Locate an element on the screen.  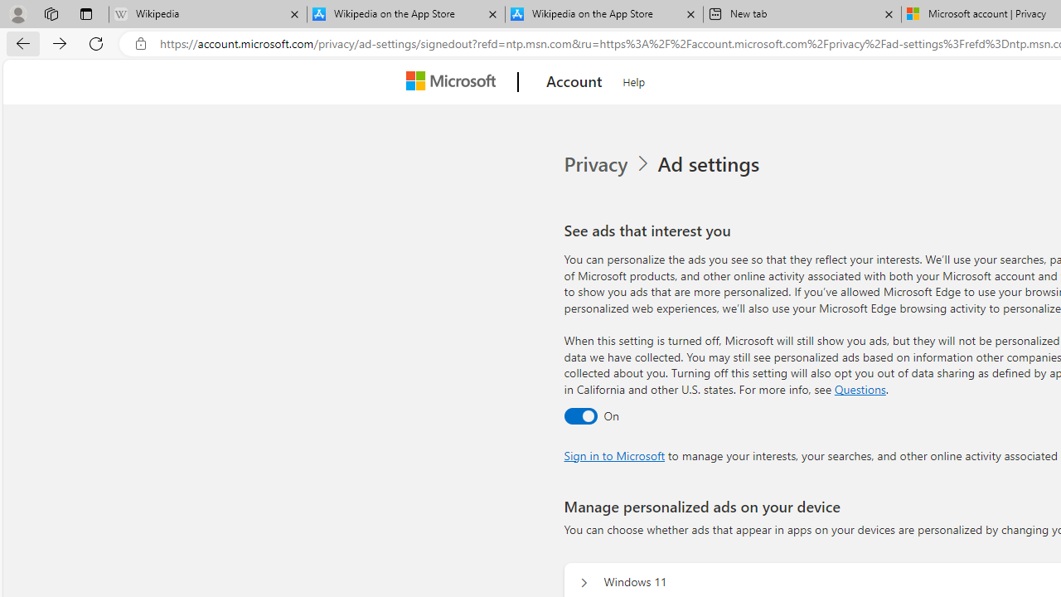
'Privacy' is located at coordinates (597, 164).